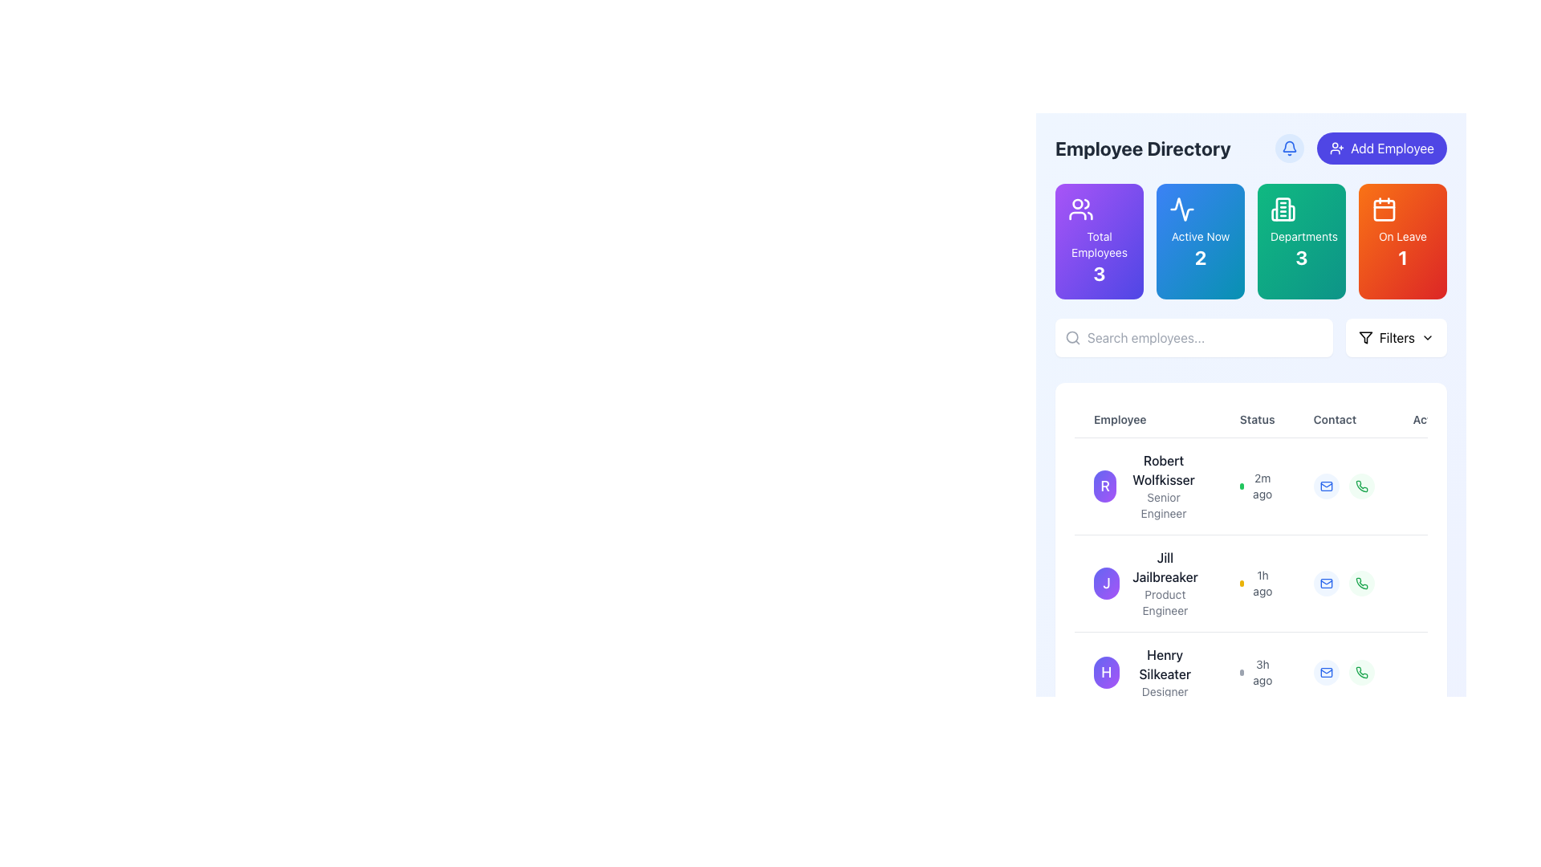 This screenshot has height=867, width=1541. Describe the element at coordinates (1081, 209) in the screenshot. I see `the icon representing two silhouette-like figures, styled in a minimalistic manner with round edges and curved lines, located within the 'Total Employees' card at the top of the layout` at that location.